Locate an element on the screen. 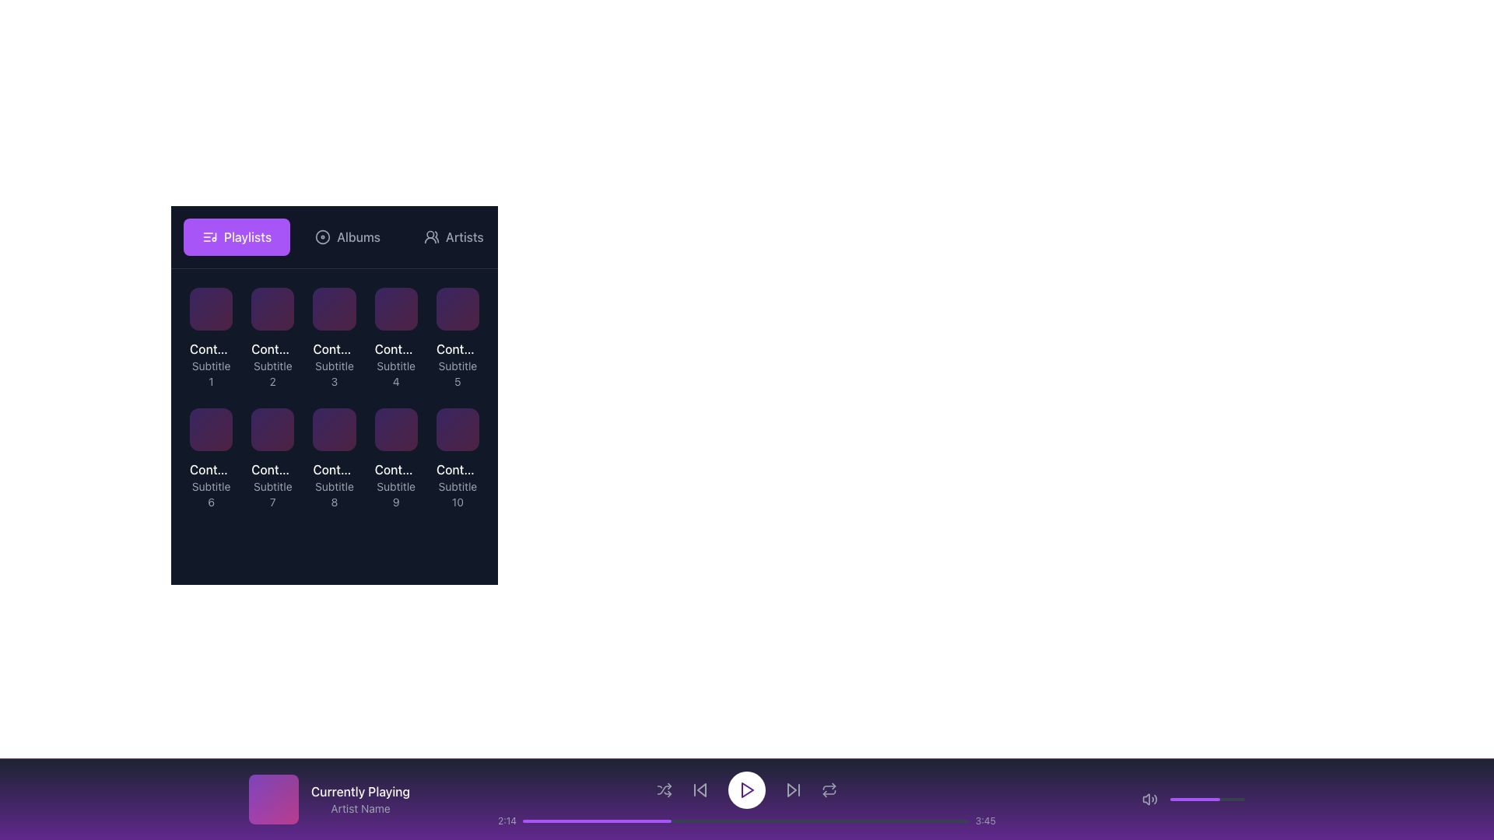 This screenshot has height=840, width=1494. the interactive card with metadata display, located in the bottom-right corner of the grid layout is located at coordinates (457, 458).